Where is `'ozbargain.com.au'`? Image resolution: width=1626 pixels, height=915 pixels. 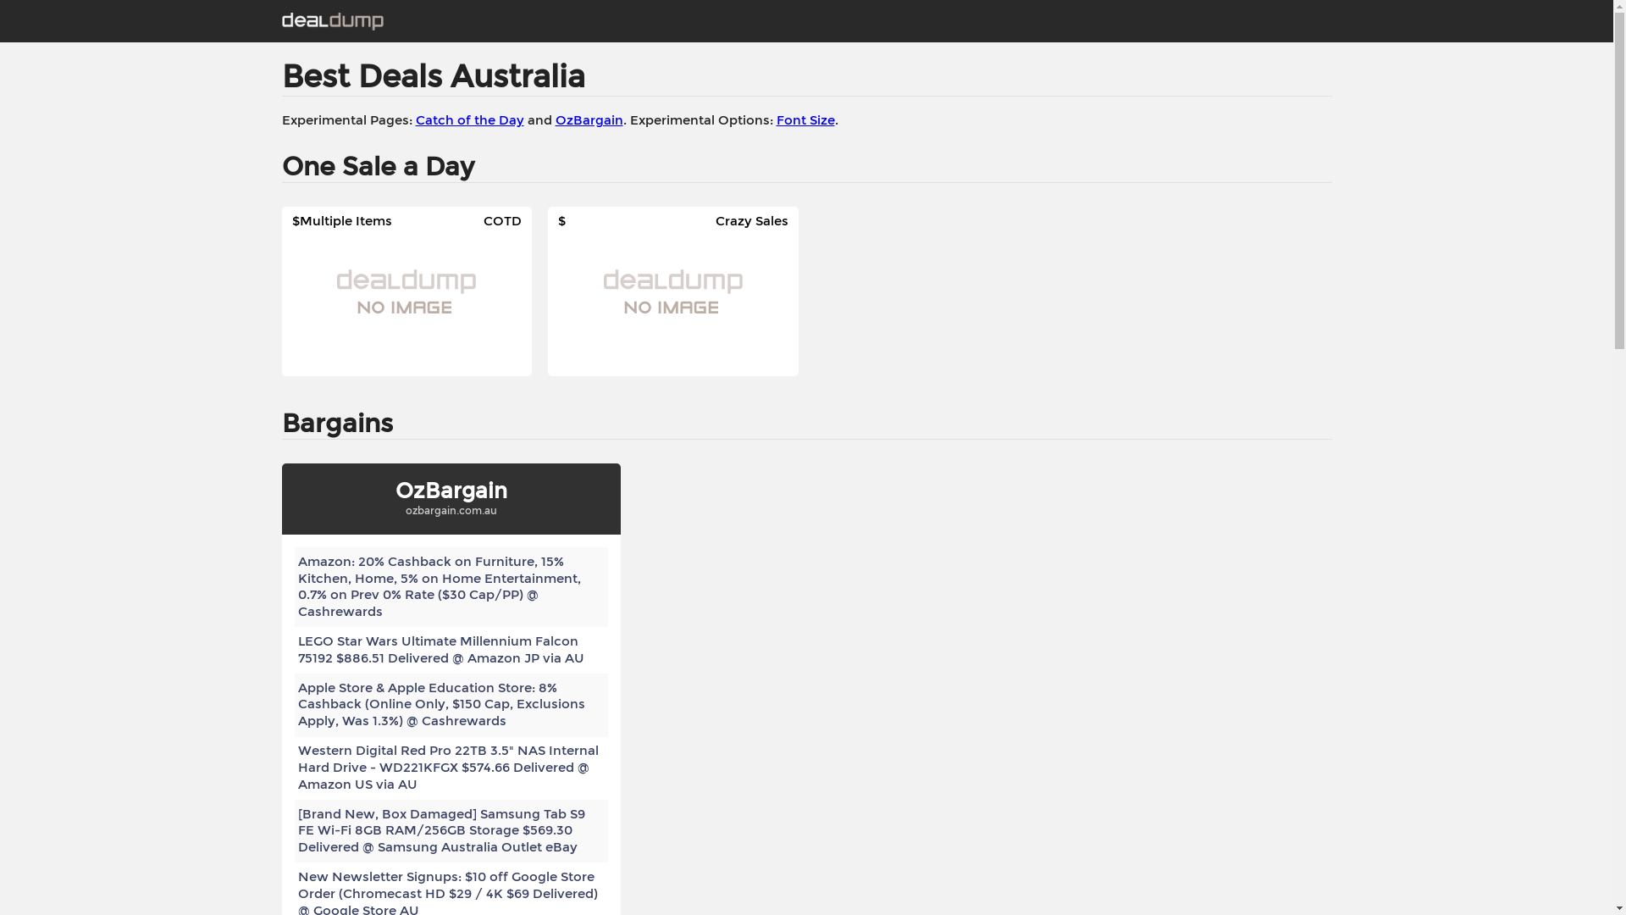 'ozbargain.com.au' is located at coordinates (451, 509).